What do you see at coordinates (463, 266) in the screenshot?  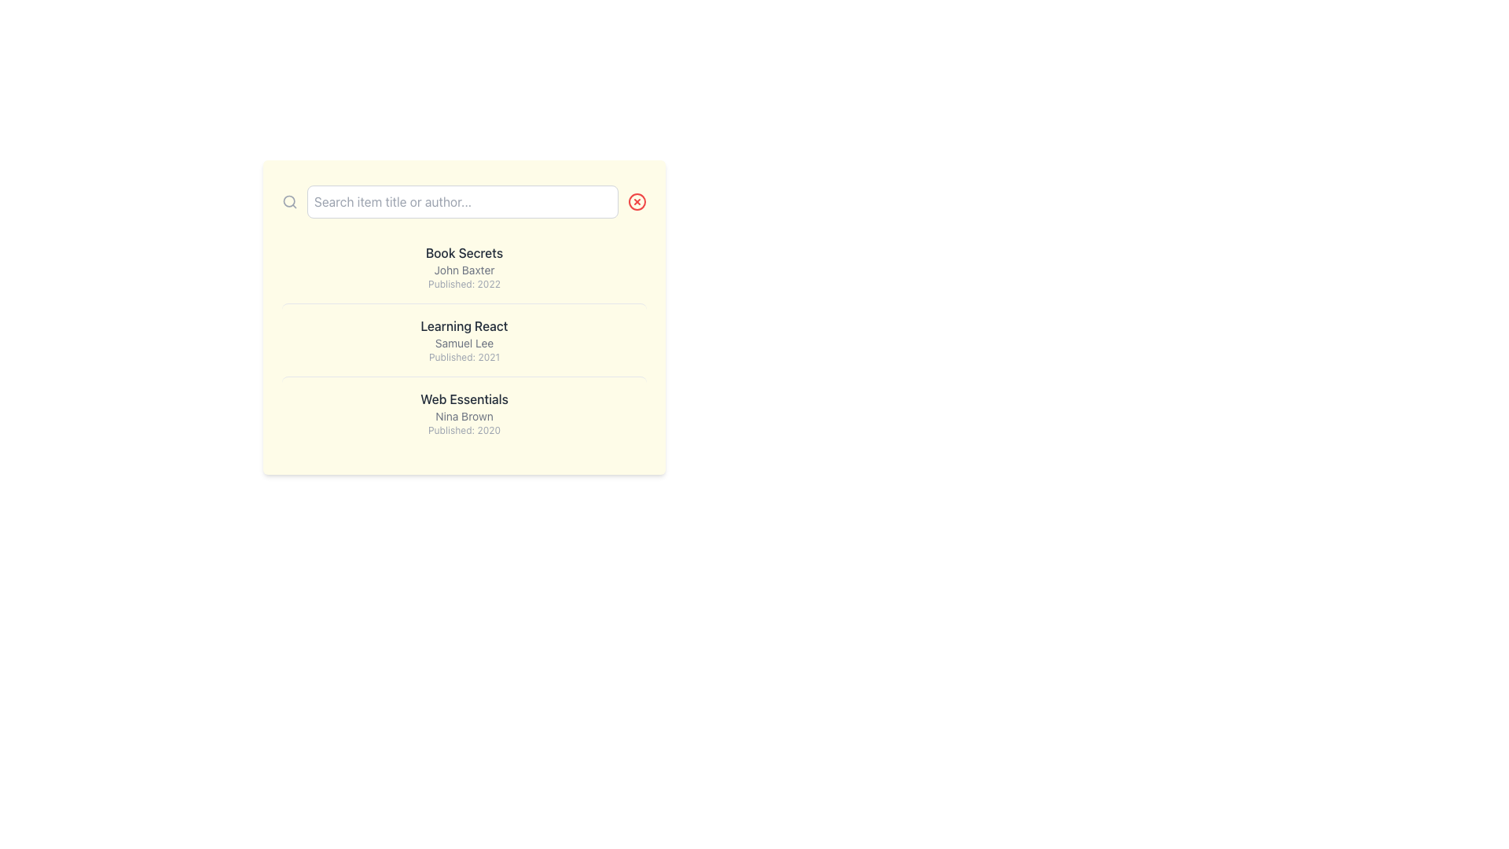 I see `the first book entry in the vertical list for a detailed view by clicking on it` at bounding box center [463, 266].